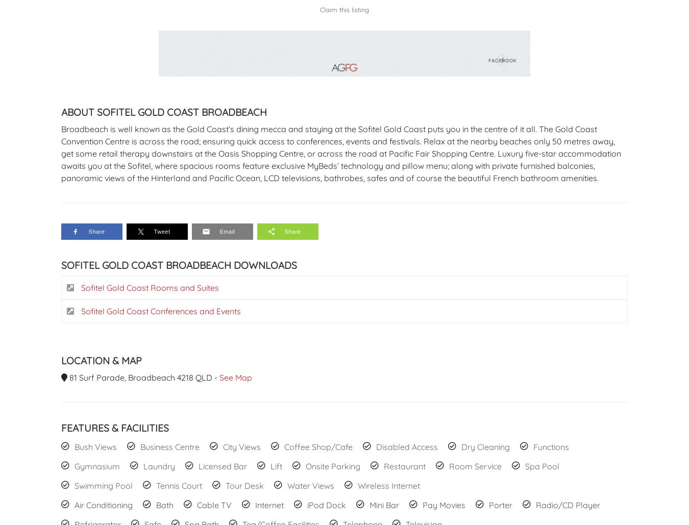  What do you see at coordinates (305, 466) in the screenshot?
I see `'Onsite Parking'` at bounding box center [305, 466].